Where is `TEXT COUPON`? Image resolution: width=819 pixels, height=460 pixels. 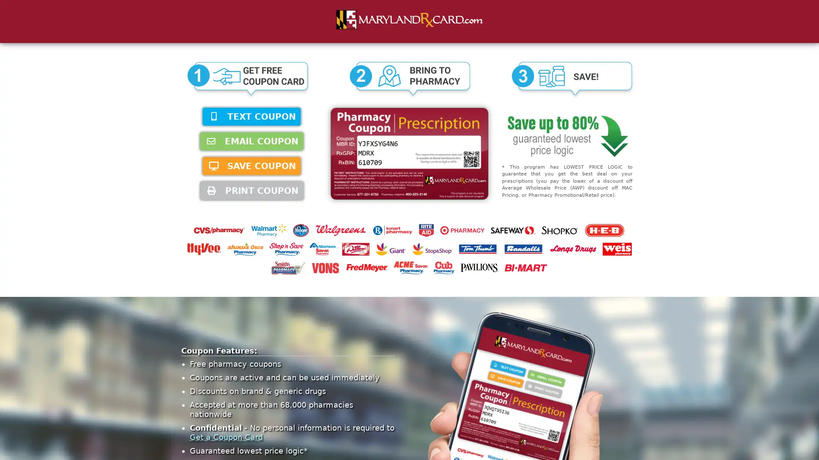 TEXT COUPON is located at coordinates (251, 116).